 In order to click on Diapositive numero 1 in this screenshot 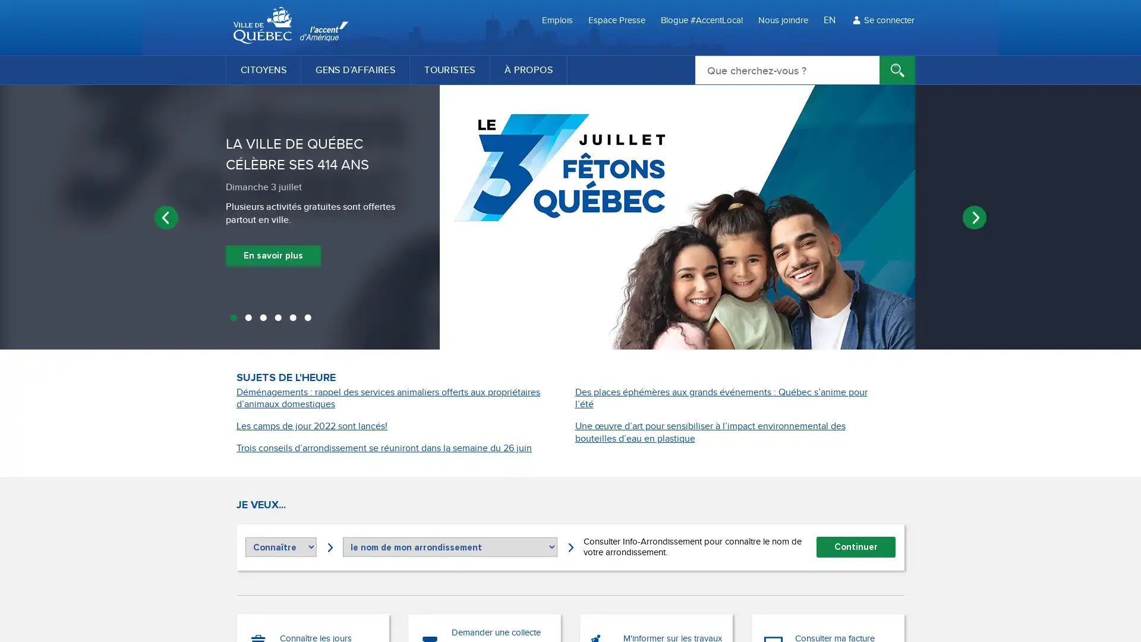, I will do `click(233, 318)`.